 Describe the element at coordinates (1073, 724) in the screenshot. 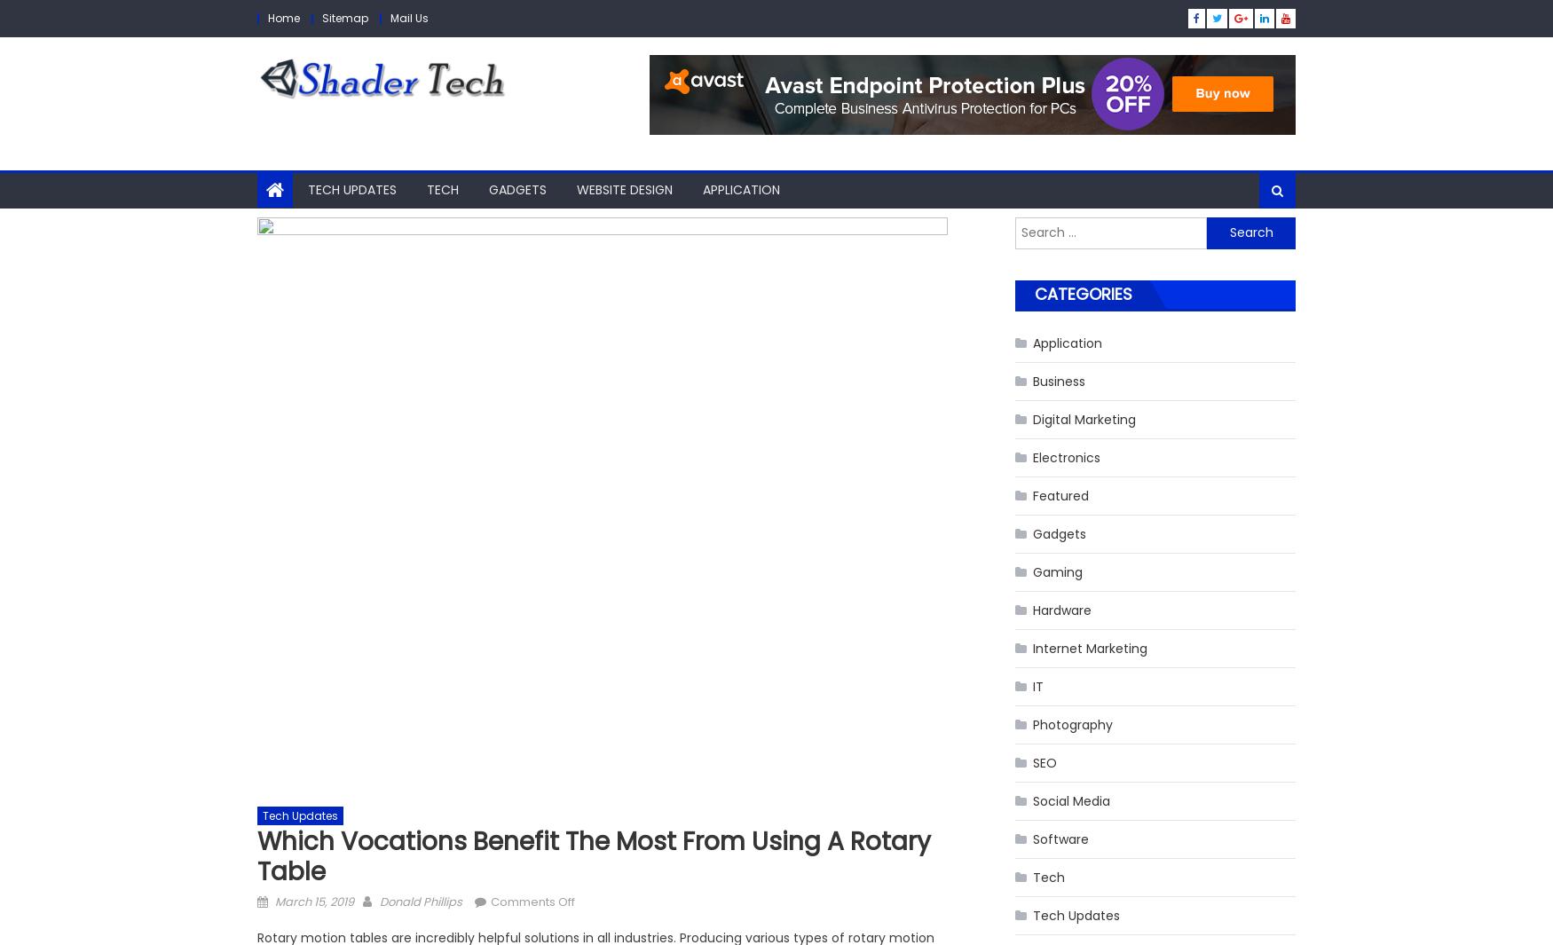

I see `'Photography'` at that location.